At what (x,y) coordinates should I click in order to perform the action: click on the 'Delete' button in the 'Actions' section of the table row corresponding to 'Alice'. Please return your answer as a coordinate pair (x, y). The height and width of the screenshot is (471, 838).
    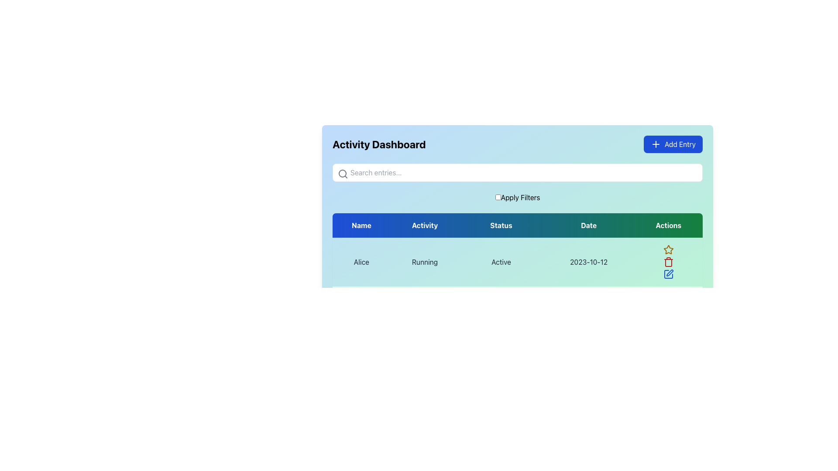
    Looking at the image, I should click on (668, 262).